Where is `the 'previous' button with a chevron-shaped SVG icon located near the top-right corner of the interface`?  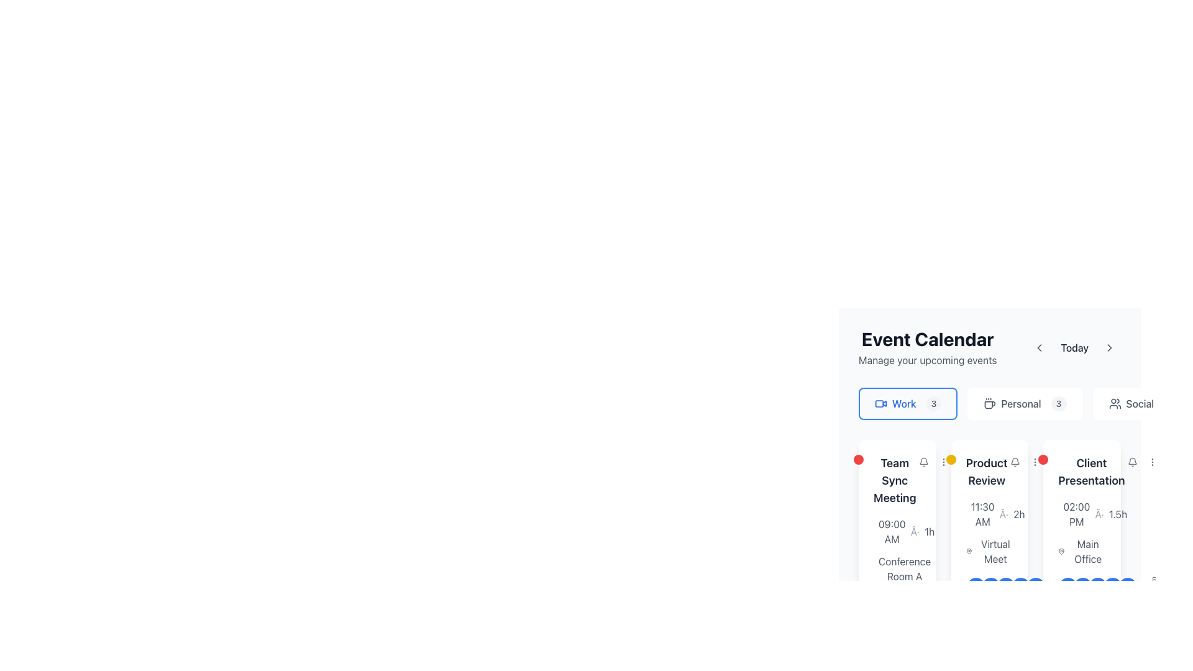
the 'previous' button with a chevron-shaped SVG icon located near the top-right corner of the interface is located at coordinates (1040, 347).